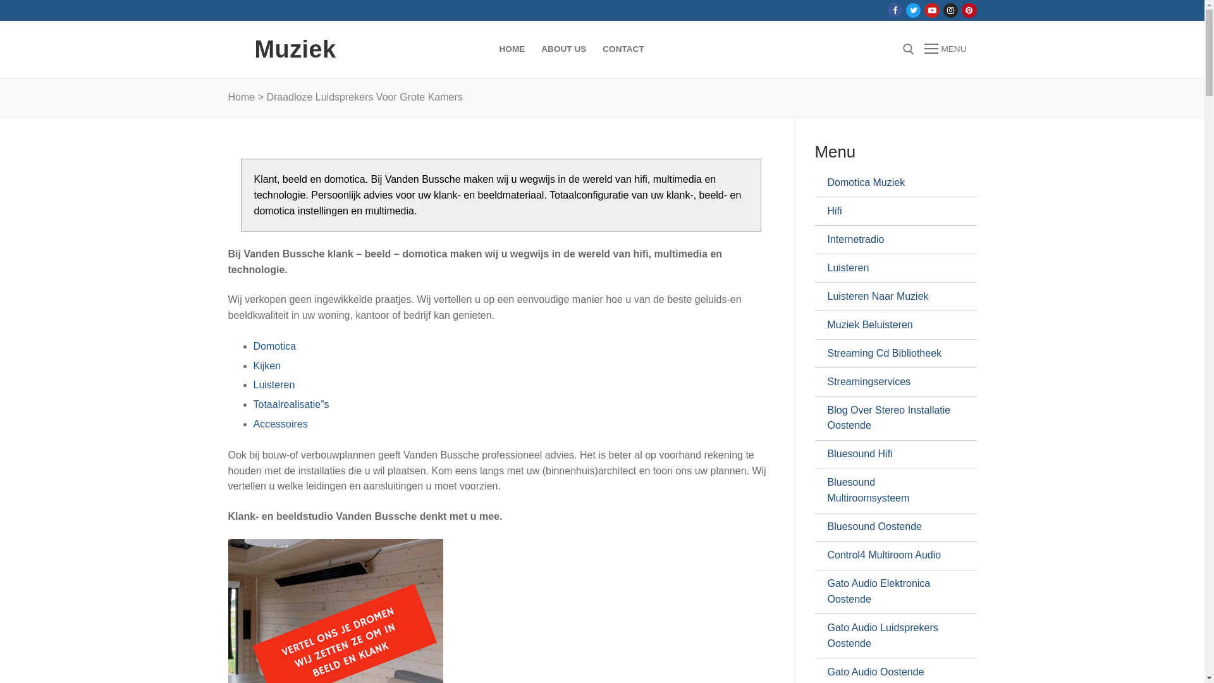  What do you see at coordinates (623, 48) in the screenshot?
I see `'CONTACT'` at bounding box center [623, 48].